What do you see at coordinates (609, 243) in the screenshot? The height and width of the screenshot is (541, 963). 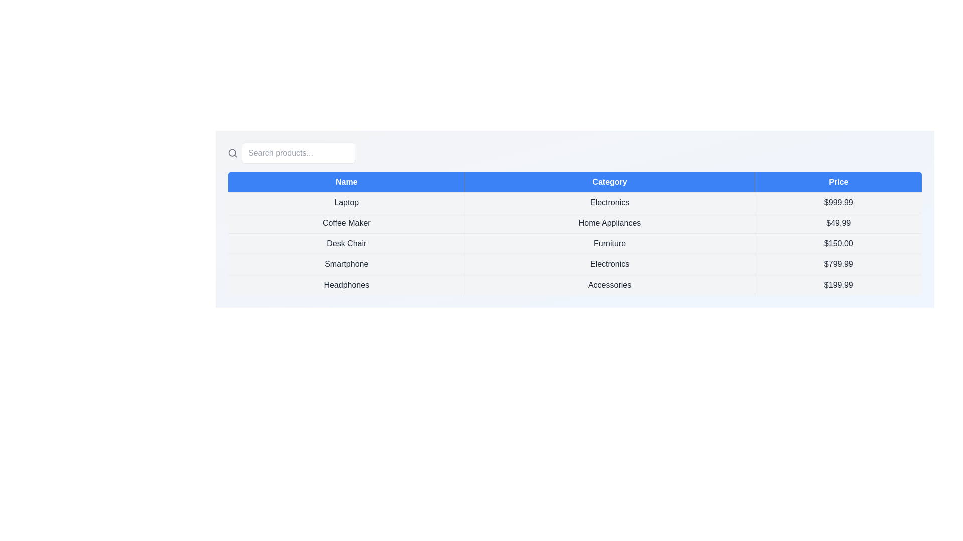 I see `the 'Furniture' text label located in the second column under the 'Category' header for the 'Desk Chair' item` at bounding box center [609, 243].